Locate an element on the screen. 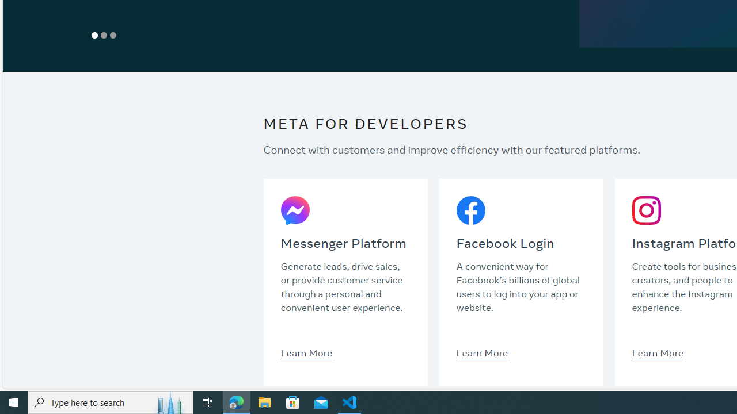  'Show Slide 1' is located at coordinates (95, 34).